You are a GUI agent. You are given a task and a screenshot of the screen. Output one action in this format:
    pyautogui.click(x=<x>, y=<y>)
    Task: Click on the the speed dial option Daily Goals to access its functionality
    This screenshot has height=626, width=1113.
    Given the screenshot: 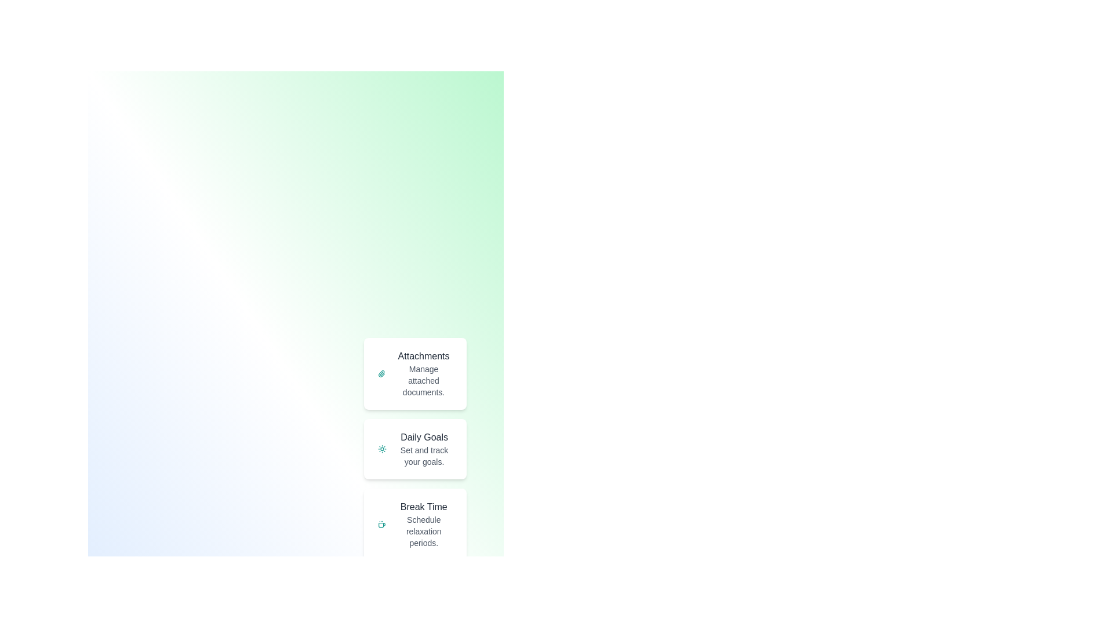 What is the action you would take?
    pyautogui.click(x=415, y=449)
    